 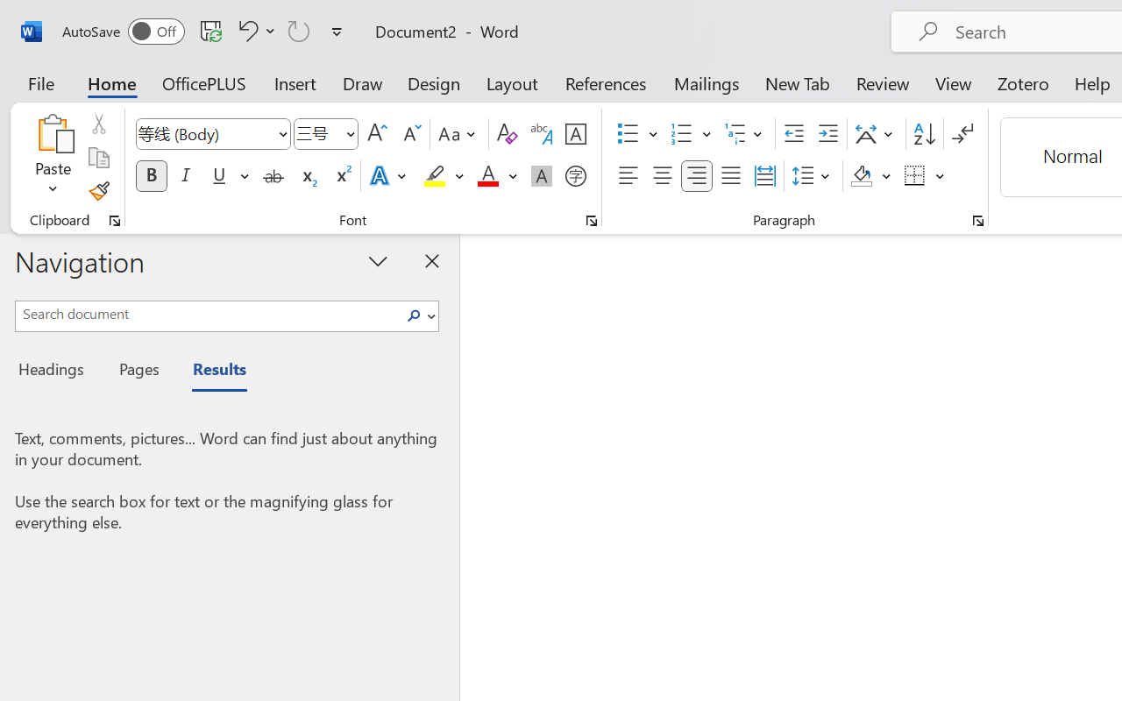 I want to click on 'View', so click(x=953, y=82).